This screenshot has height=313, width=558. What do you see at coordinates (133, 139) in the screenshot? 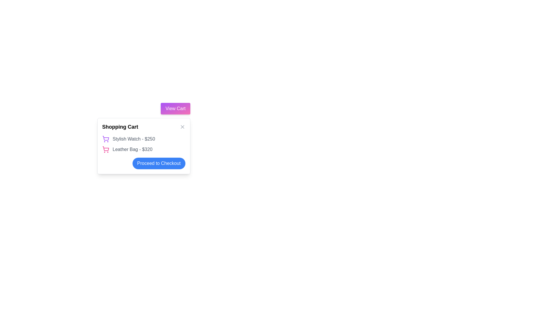
I see `the descriptive label for the product item in the shopping cart, which provides the product's name and price, positioned as the first item in a vertical list aligned to the right of a purple shopping cart icon` at bounding box center [133, 139].